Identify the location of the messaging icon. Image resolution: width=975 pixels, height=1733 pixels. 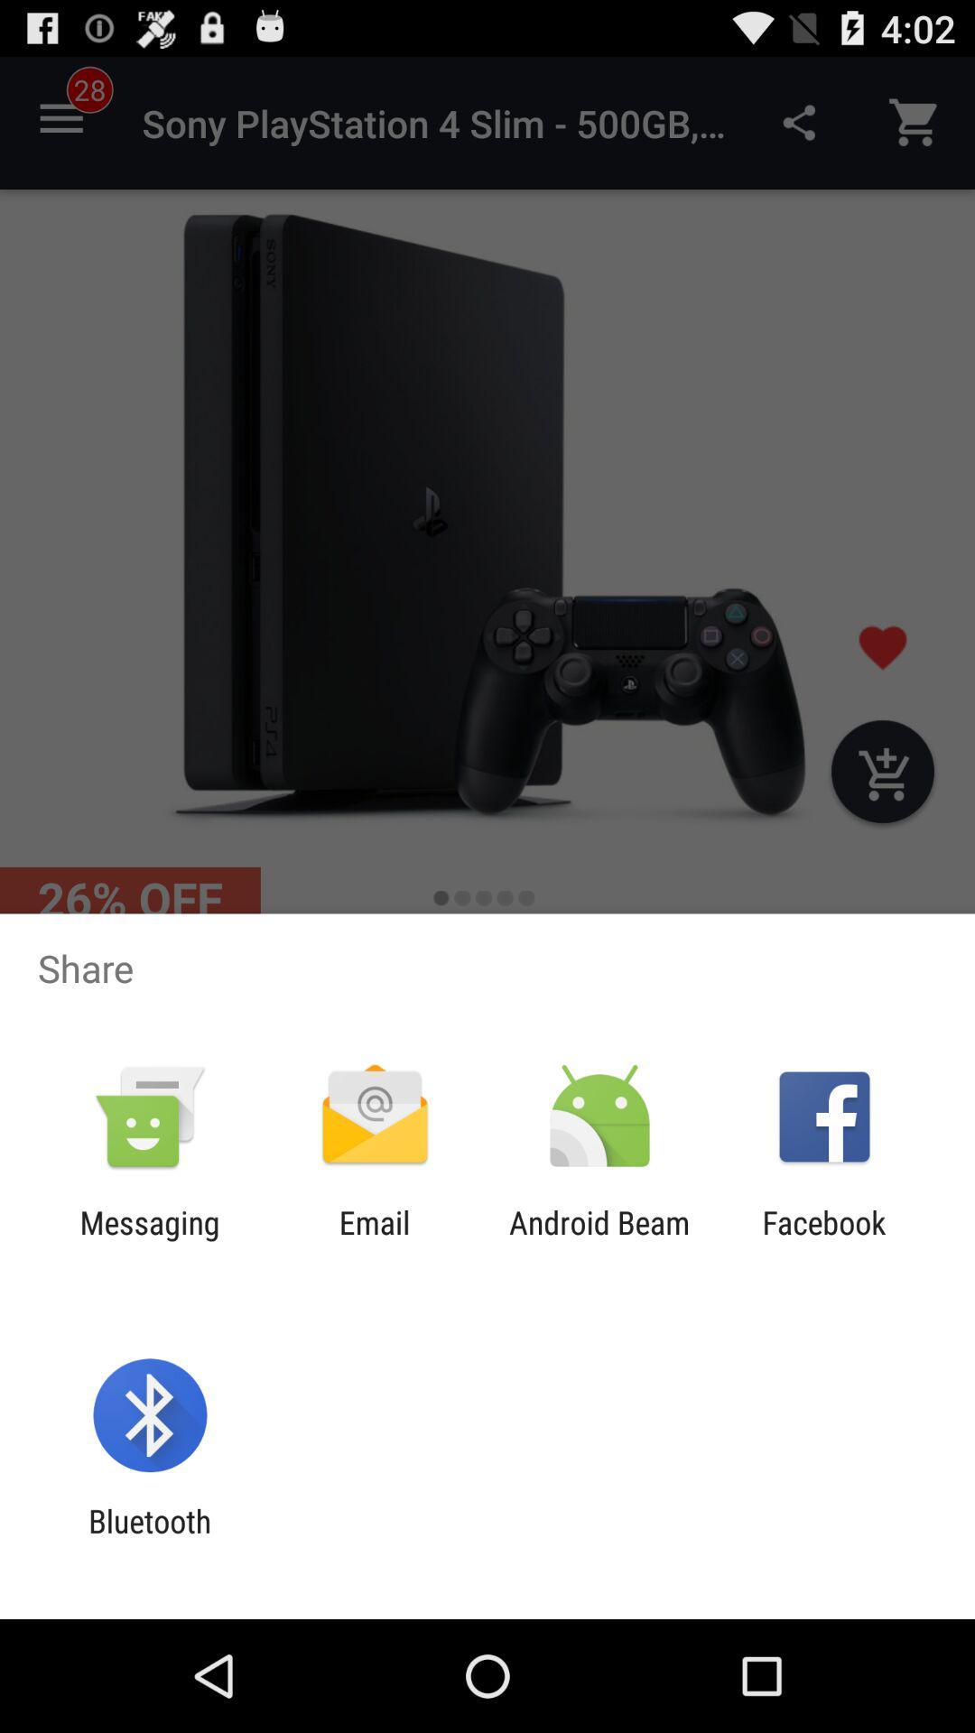
(149, 1240).